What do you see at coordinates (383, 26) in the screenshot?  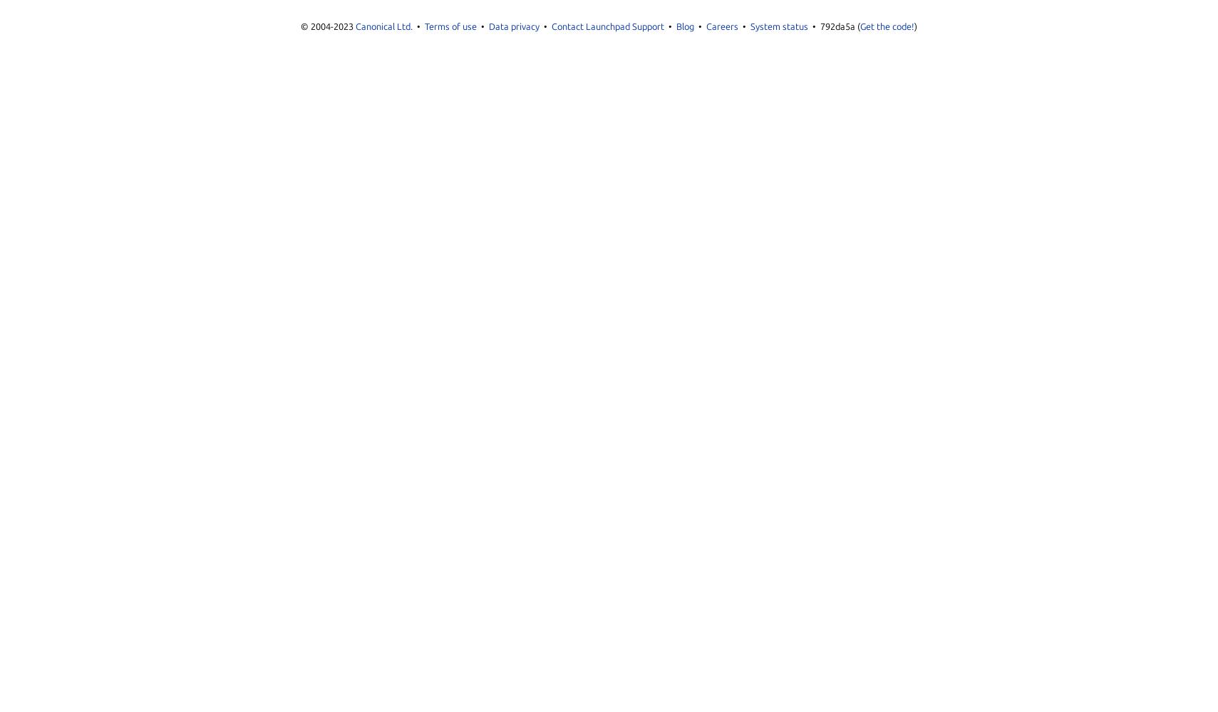 I see `'Canonical Ltd.'` at bounding box center [383, 26].